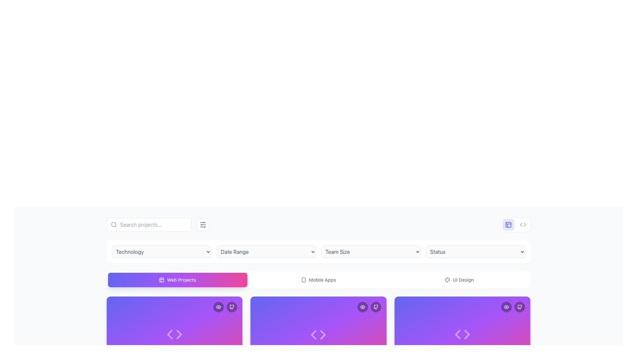 The width and height of the screenshot is (636, 357). I want to click on the settings icon located near the top-right corner of the interface, so click(202, 224).